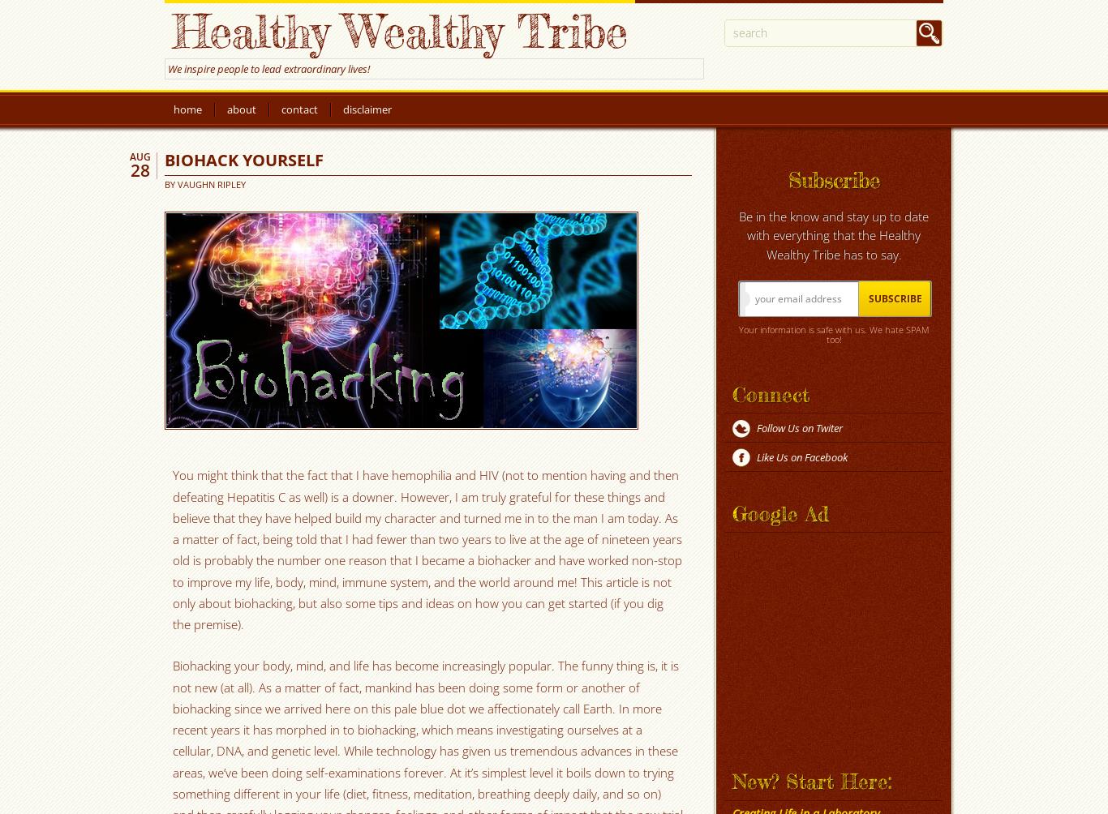 The width and height of the screenshot is (1108, 814). I want to click on '28', so click(139, 169).